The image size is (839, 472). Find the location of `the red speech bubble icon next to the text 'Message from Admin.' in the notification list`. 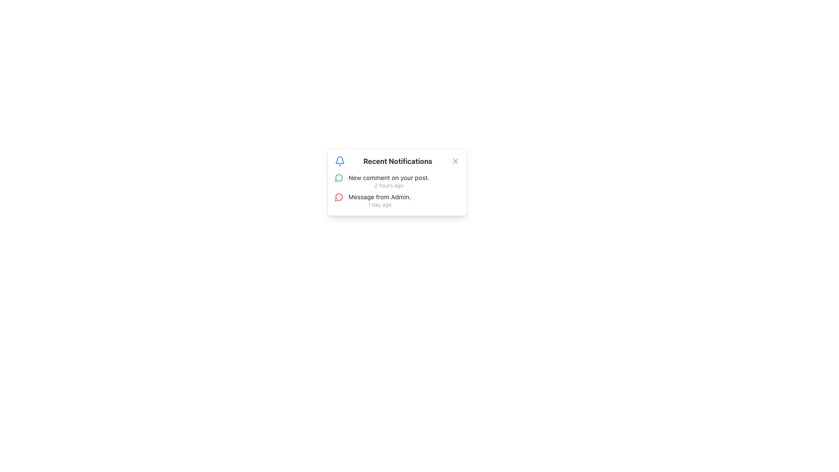

the red speech bubble icon next to the text 'Message from Admin.' in the notification list is located at coordinates (338, 197).